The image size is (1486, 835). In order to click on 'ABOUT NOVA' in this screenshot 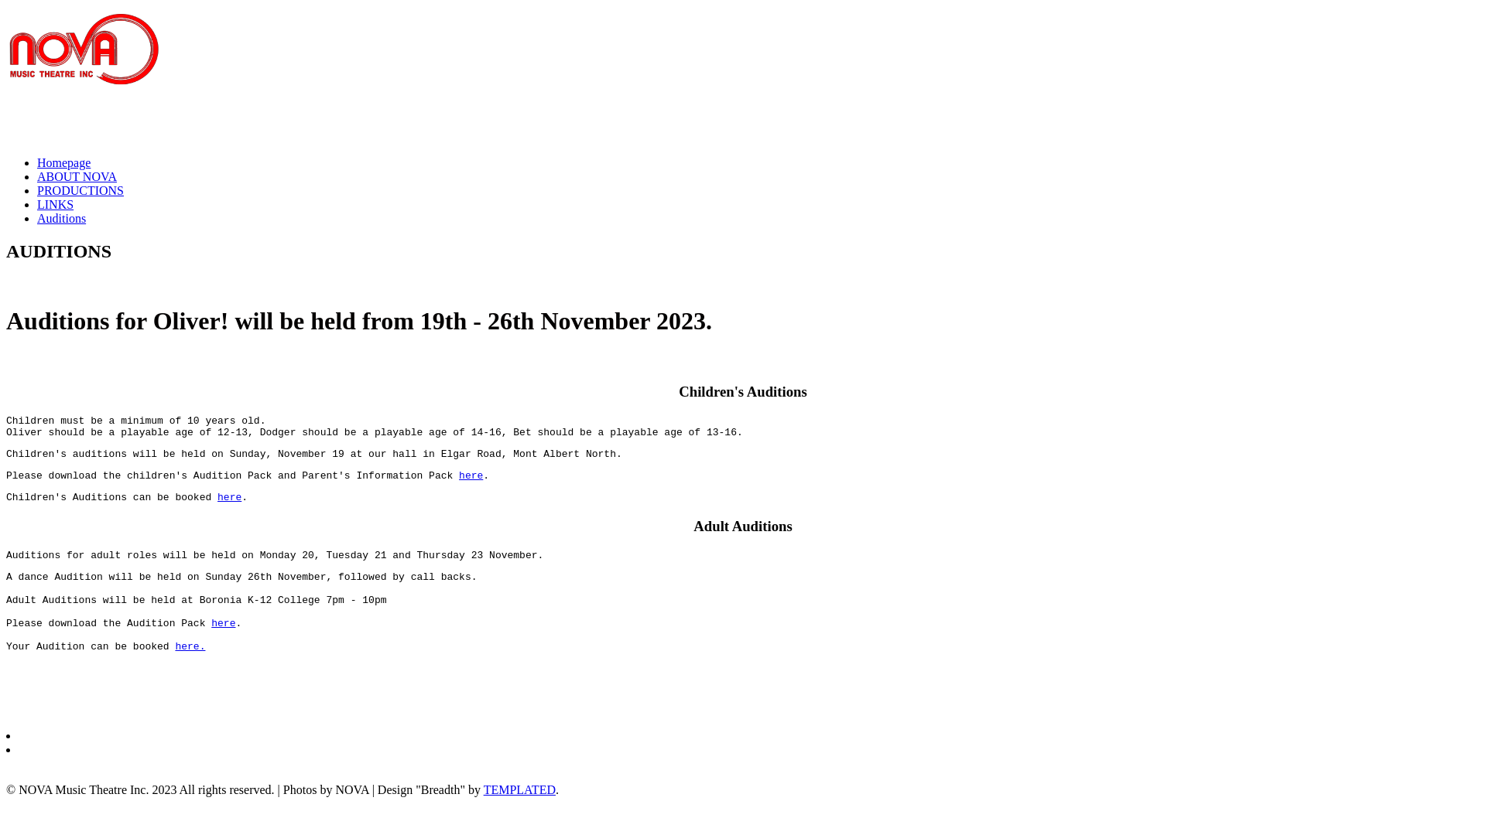, I will do `click(76, 176)`.